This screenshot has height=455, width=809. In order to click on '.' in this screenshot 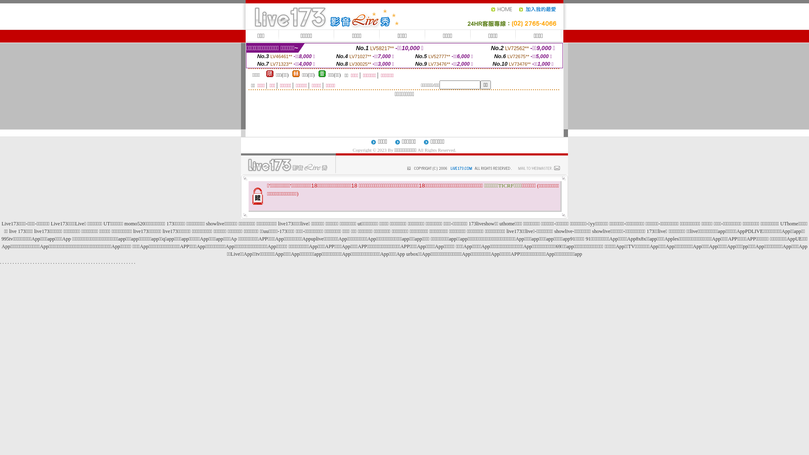, I will do `click(48, 261)`.